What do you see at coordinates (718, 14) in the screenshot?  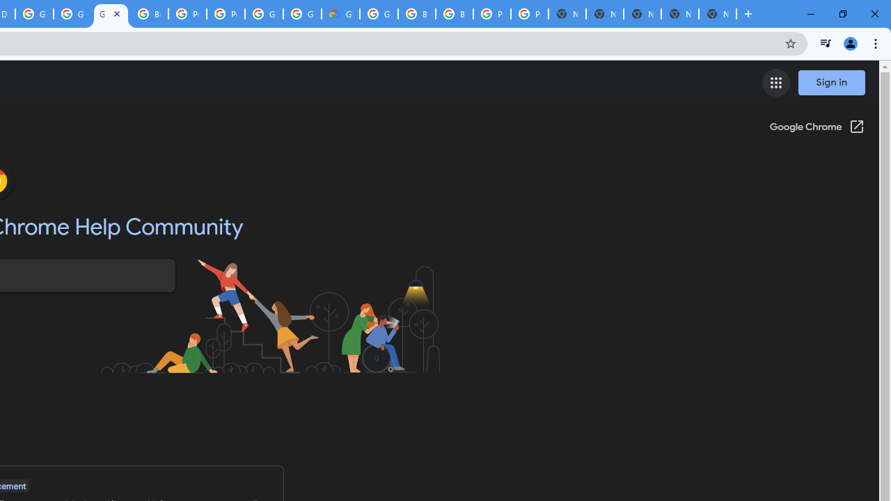 I see `'New Tab'` at bounding box center [718, 14].